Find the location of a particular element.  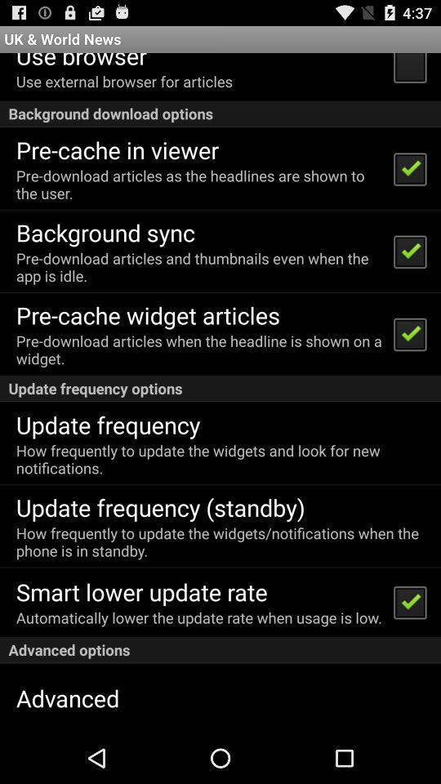

background sync item is located at coordinates (105, 231).